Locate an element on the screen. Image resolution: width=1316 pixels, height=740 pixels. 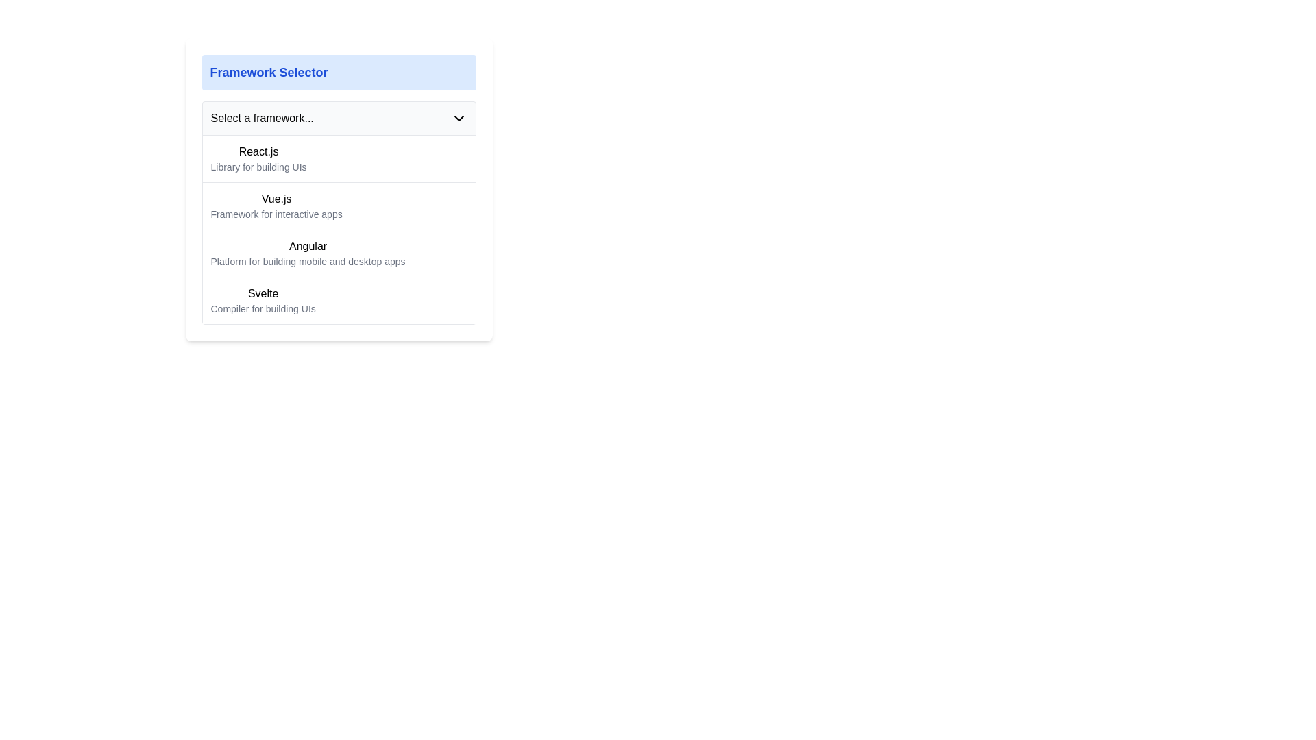
the Text label that serves as a title for the framework selection component, which is centrally placed within a blue-shaded rectangular section at the top of the interface is located at coordinates (269, 72).